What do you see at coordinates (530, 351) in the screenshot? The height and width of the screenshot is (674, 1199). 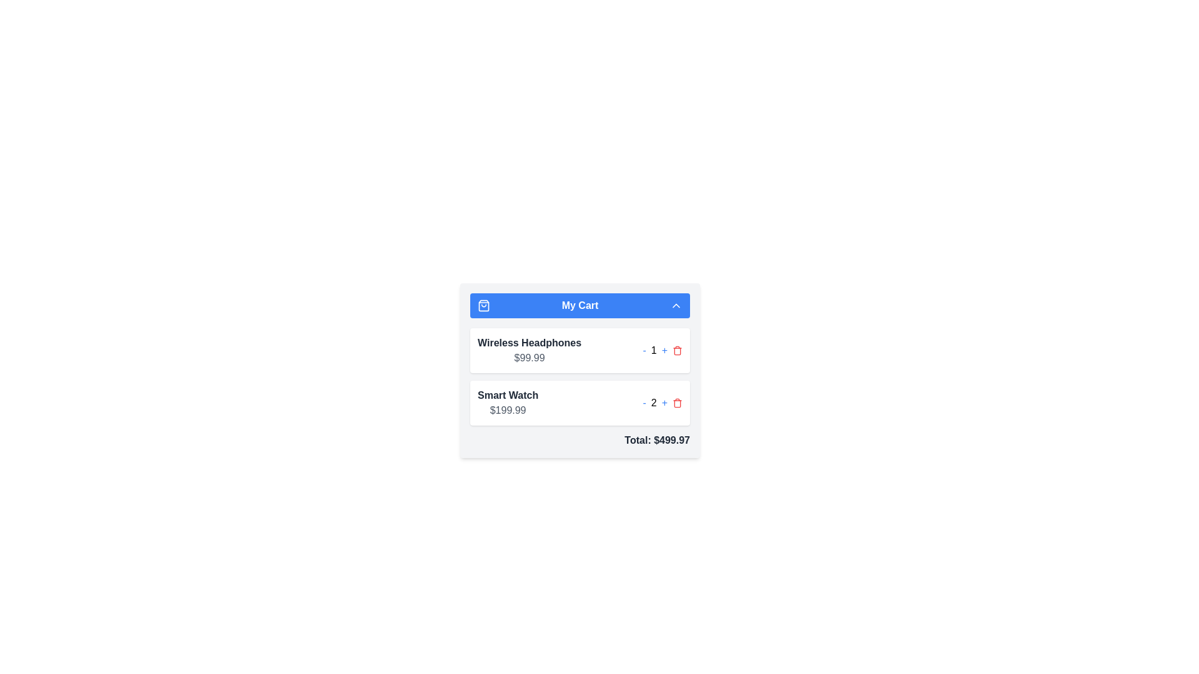 I see `the label group displaying the product name 'Wireless Headphones' and price '$99.99' located under the 'My Cart' section` at bounding box center [530, 351].